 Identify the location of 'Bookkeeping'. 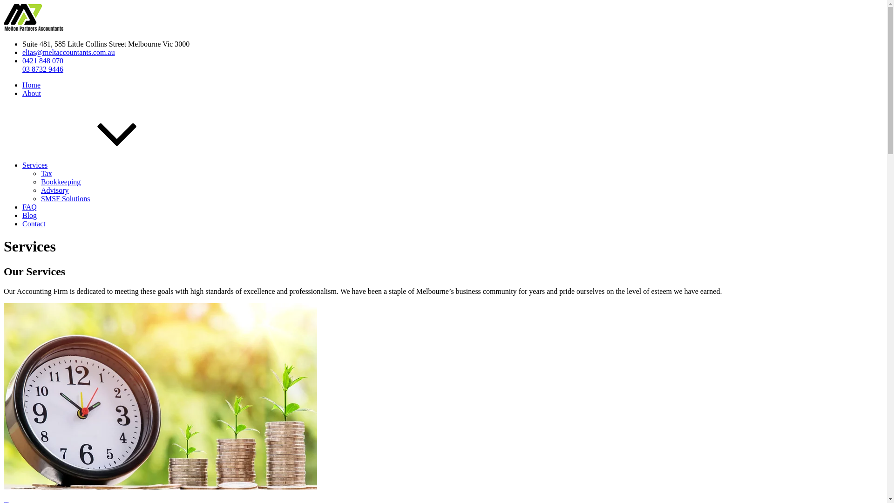
(60, 182).